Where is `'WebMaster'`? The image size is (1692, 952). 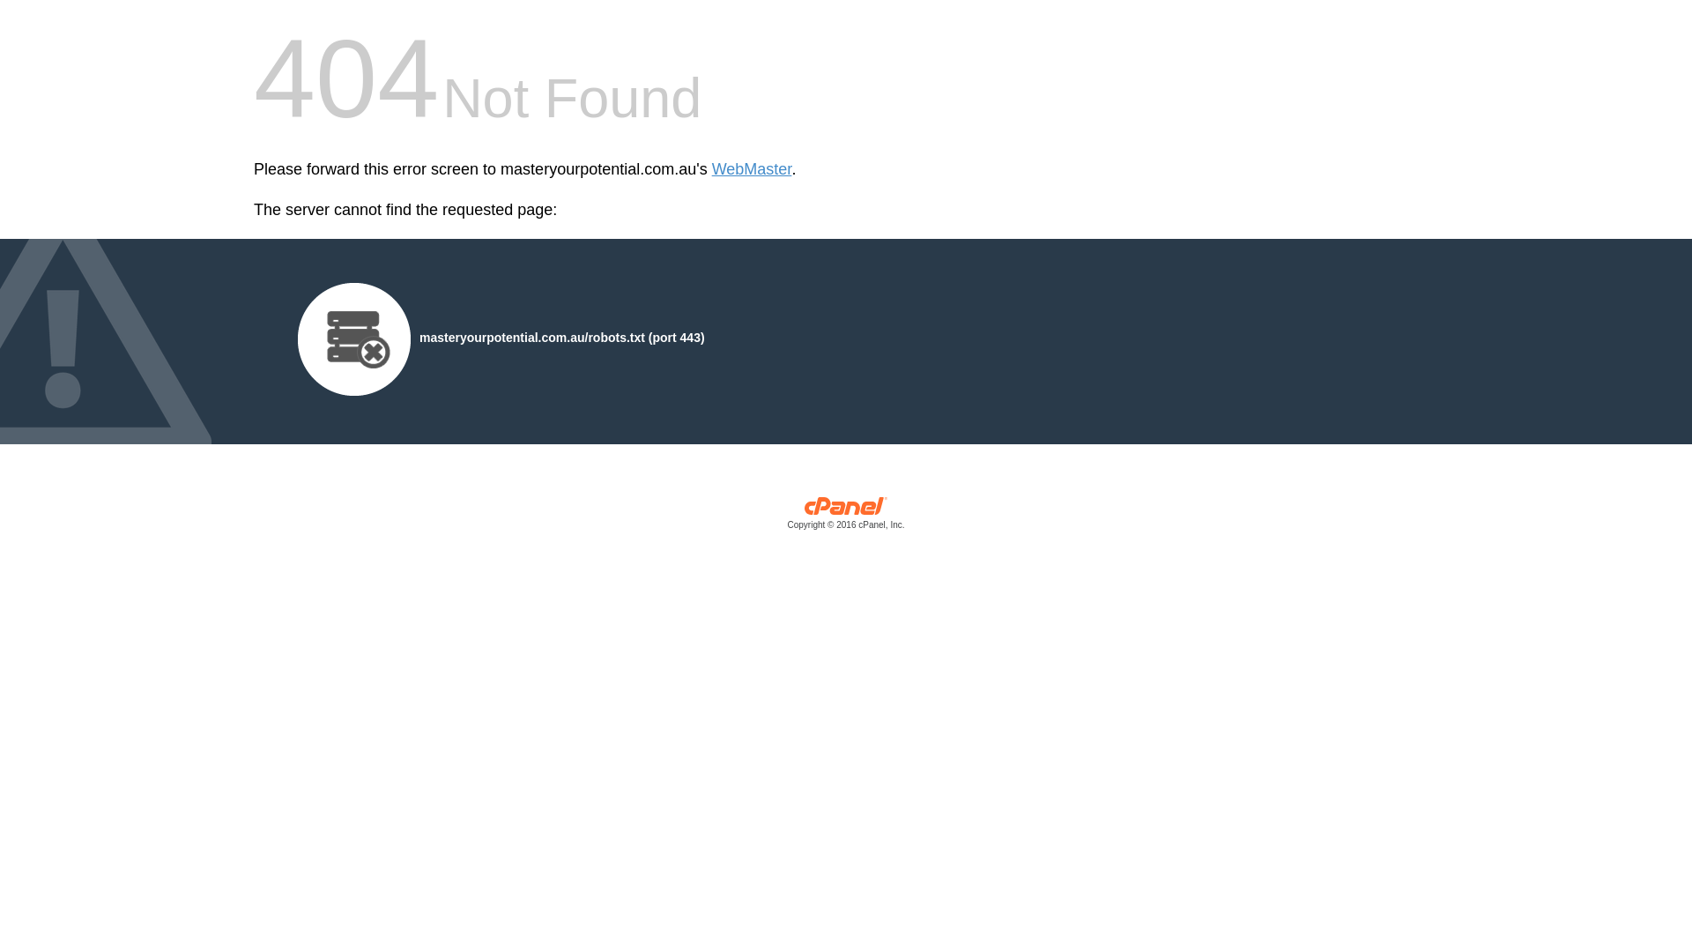
'WebMaster' is located at coordinates (752, 169).